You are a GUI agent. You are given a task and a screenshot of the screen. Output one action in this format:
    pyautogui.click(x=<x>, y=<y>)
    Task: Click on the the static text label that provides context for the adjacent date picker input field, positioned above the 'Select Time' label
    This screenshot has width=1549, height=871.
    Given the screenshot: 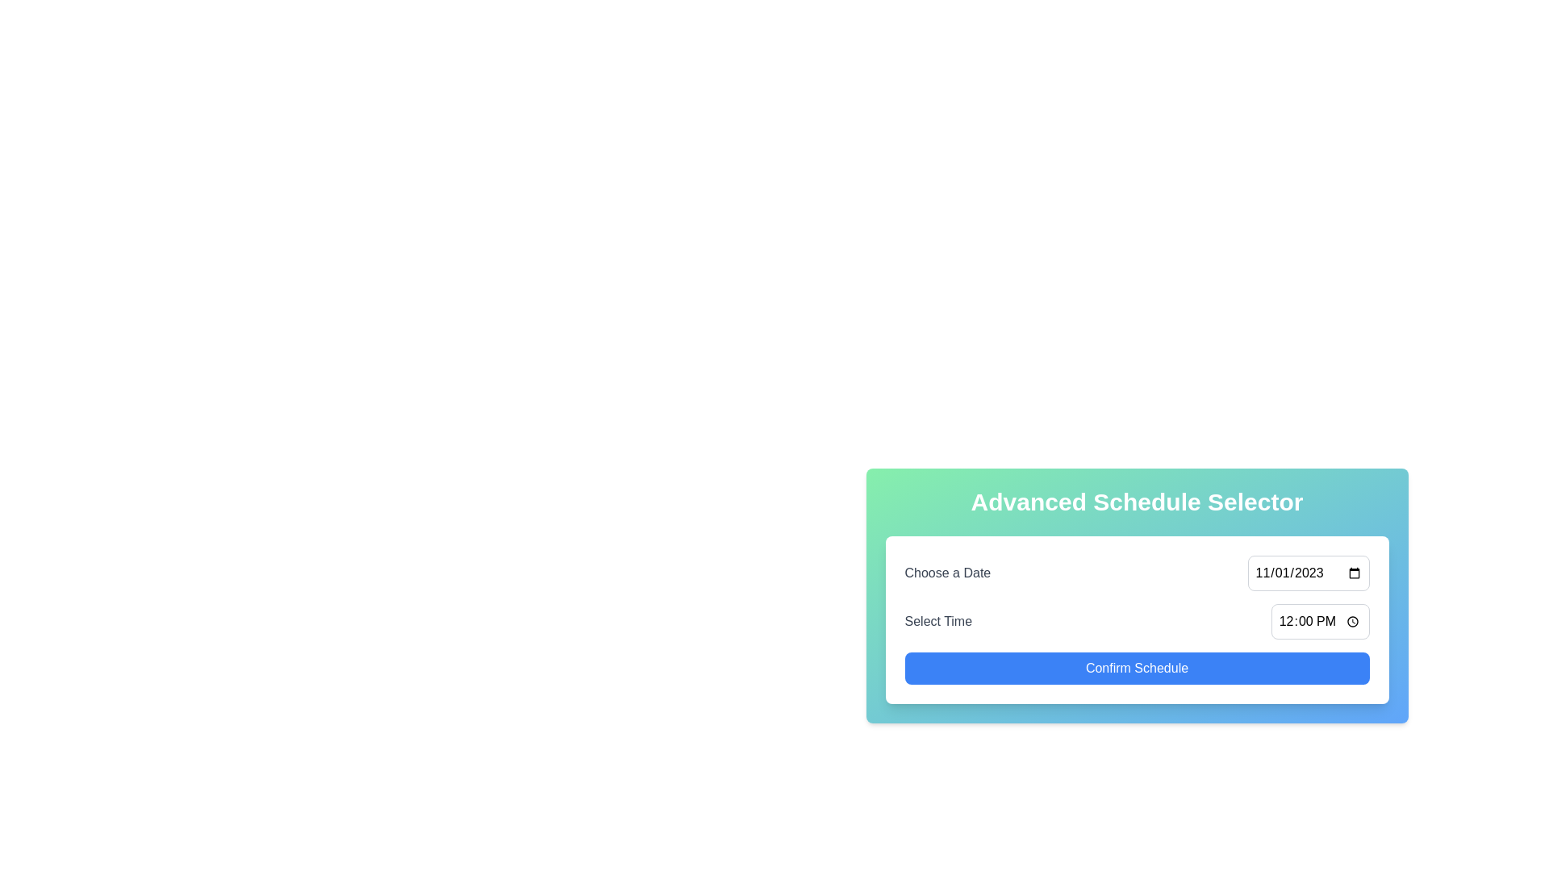 What is the action you would take?
    pyautogui.click(x=947, y=572)
    